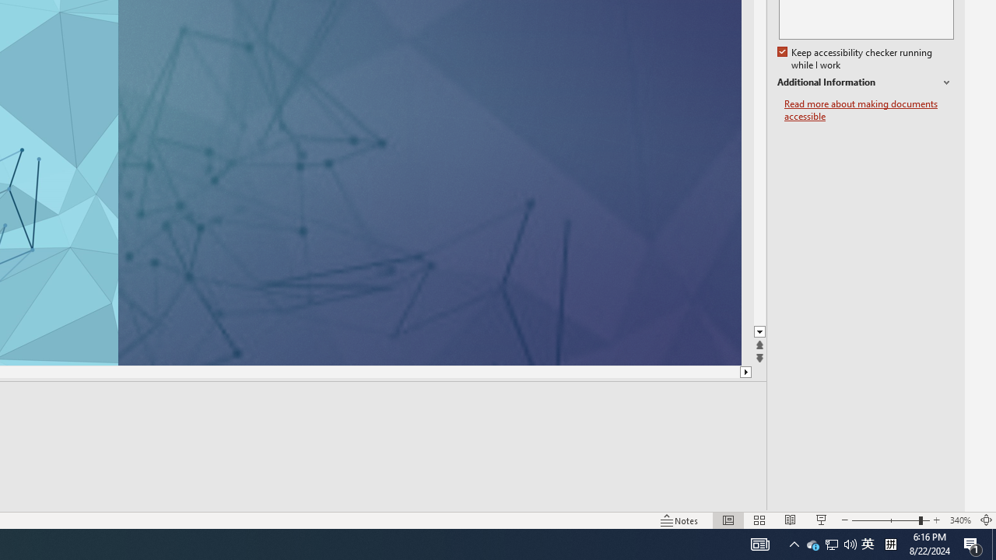 The height and width of the screenshot is (560, 996). Describe the element at coordinates (959, 520) in the screenshot. I see `'Zoom 340%'` at that location.